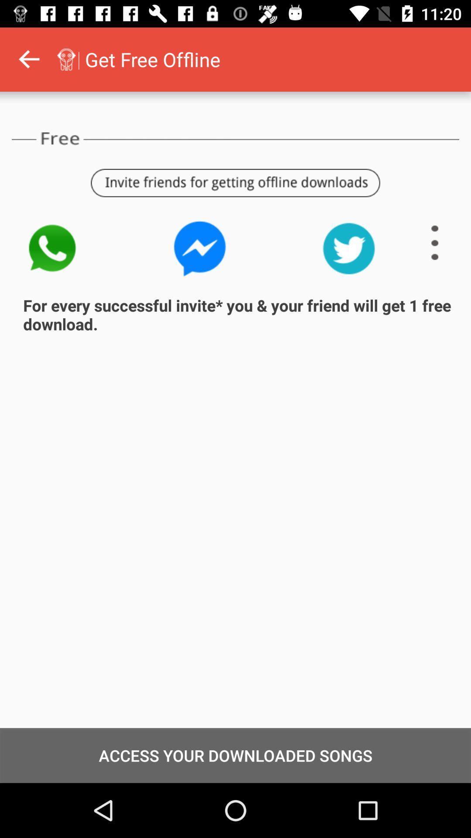 Image resolution: width=471 pixels, height=838 pixels. What do you see at coordinates (200, 248) in the screenshot?
I see `opens facebook messenger` at bounding box center [200, 248].